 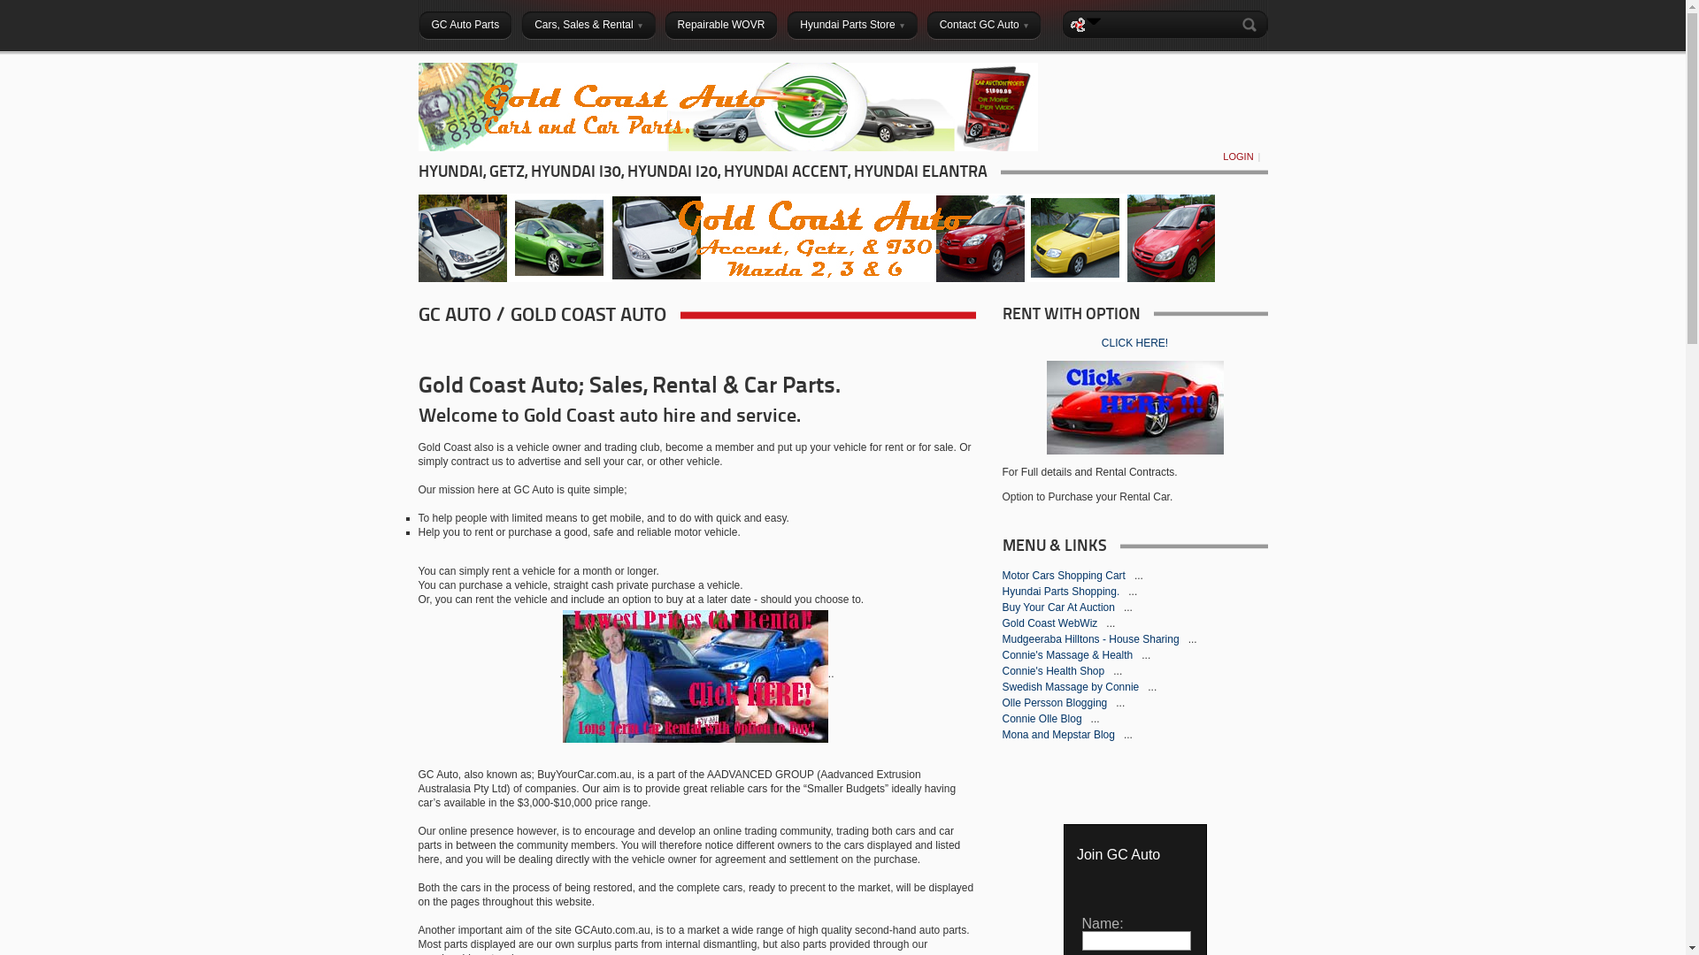 What do you see at coordinates (1218, 156) in the screenshot?
I see `'LOGIN'` at bounding box center [1218, 156].